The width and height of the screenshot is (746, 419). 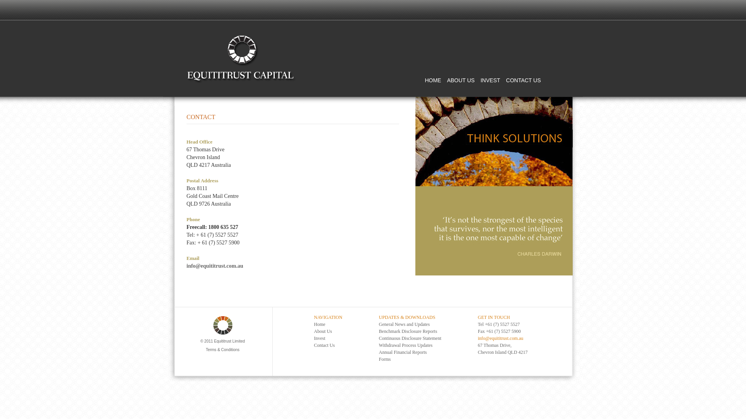 I want to click on 'About Us', so click(x=322, y=331).